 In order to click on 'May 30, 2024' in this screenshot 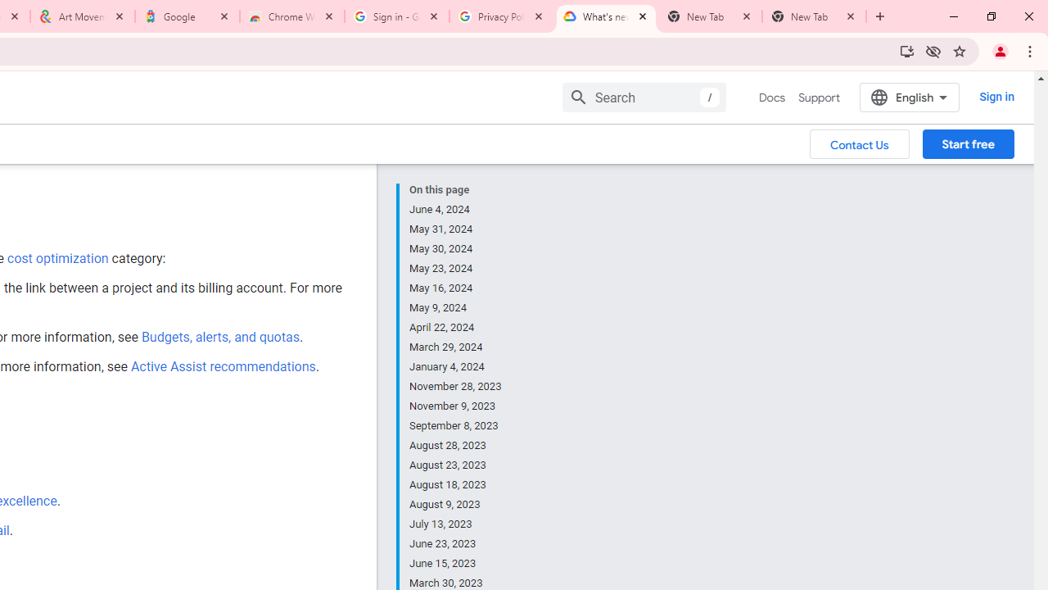, I will do `click(456, 249)`.